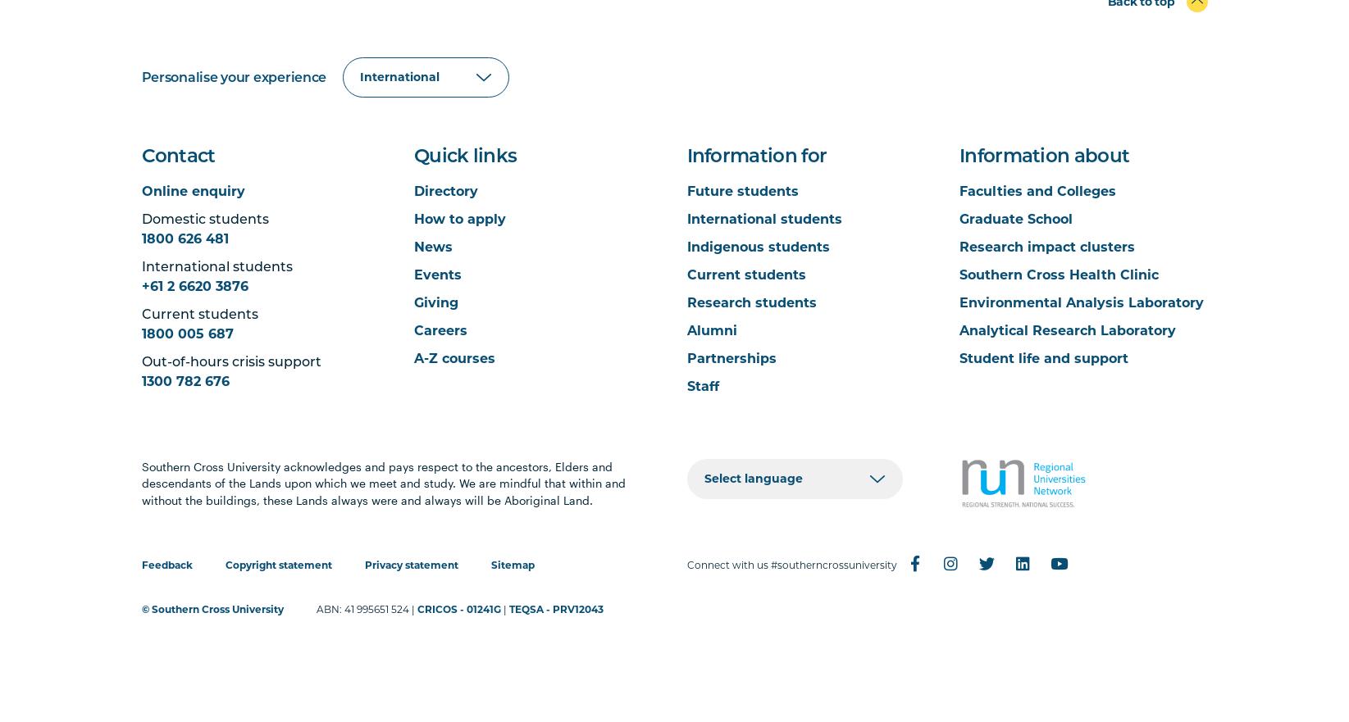 The height and width of the screenshot is (722, 1349). Describe the element at coordinates (504, 608) in the screenshot. I see `'|'` at that location.